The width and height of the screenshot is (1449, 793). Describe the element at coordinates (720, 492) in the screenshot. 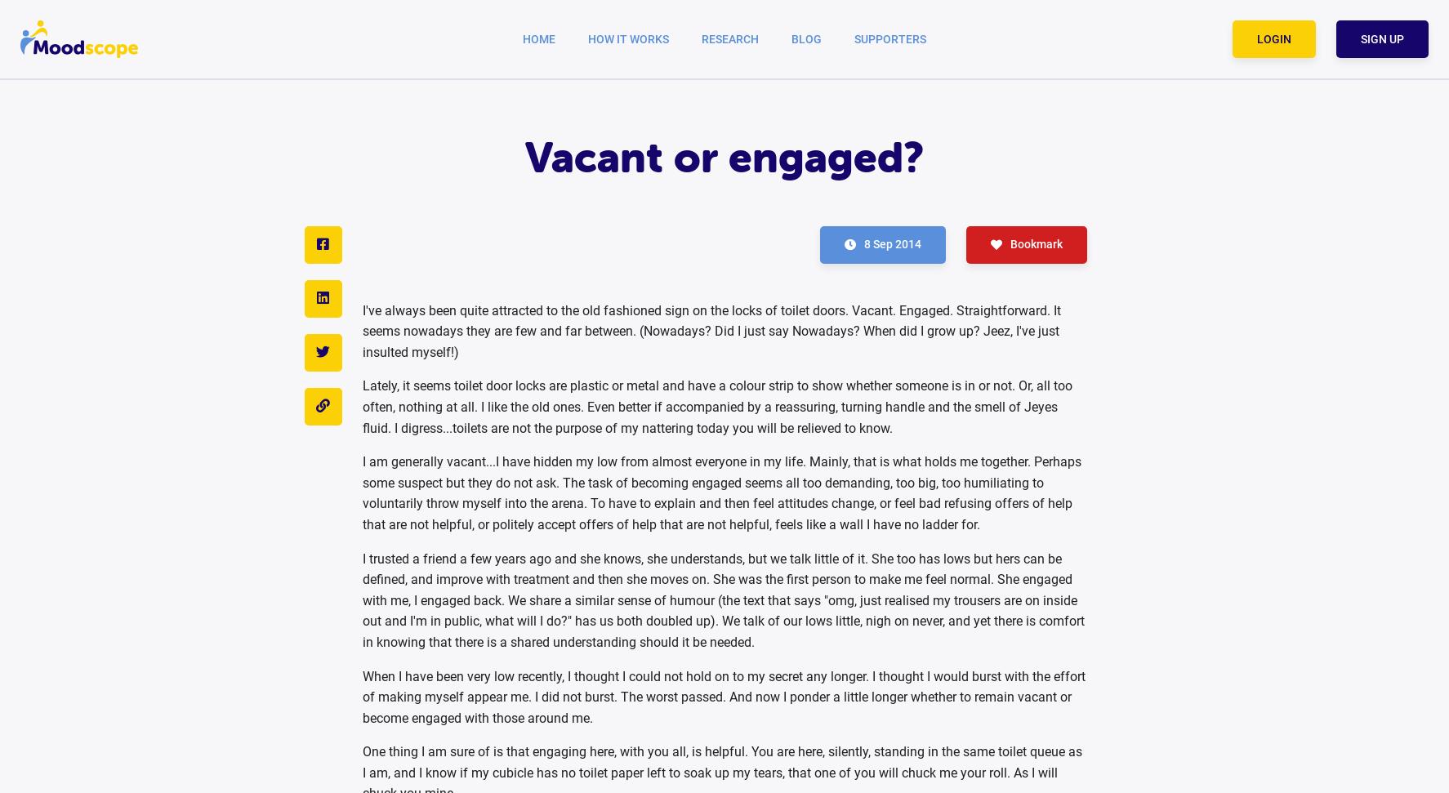

I see `'I am generally vacant...I have hidden my low from almost everyone in my life. Mainly, that is what holds me together. Perhaps some suspect but they do not ask. The task of becoming engaged seems all too demanding, too big, too humiliating to voluntarily throw myself into the arena. To have to explain and then feel attitudes change, or feel bad refusing offers of help that are not helpful, or politely accept offers of help that are not helpful, feels like a wall I have no ladder for.'` at that location.